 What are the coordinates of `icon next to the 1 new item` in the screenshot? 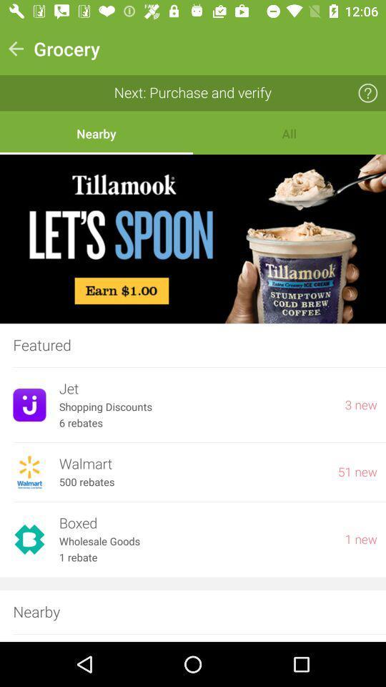 It's located at (194, 541).